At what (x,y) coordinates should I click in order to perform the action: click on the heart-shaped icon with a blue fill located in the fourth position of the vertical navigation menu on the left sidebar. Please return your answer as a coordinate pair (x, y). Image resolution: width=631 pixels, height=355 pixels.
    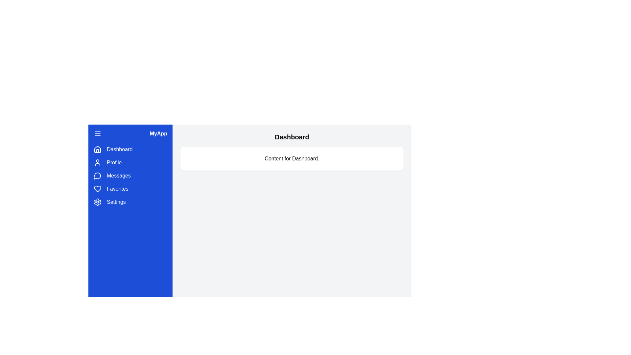
    Looking at the image, I should click on (97, 189).